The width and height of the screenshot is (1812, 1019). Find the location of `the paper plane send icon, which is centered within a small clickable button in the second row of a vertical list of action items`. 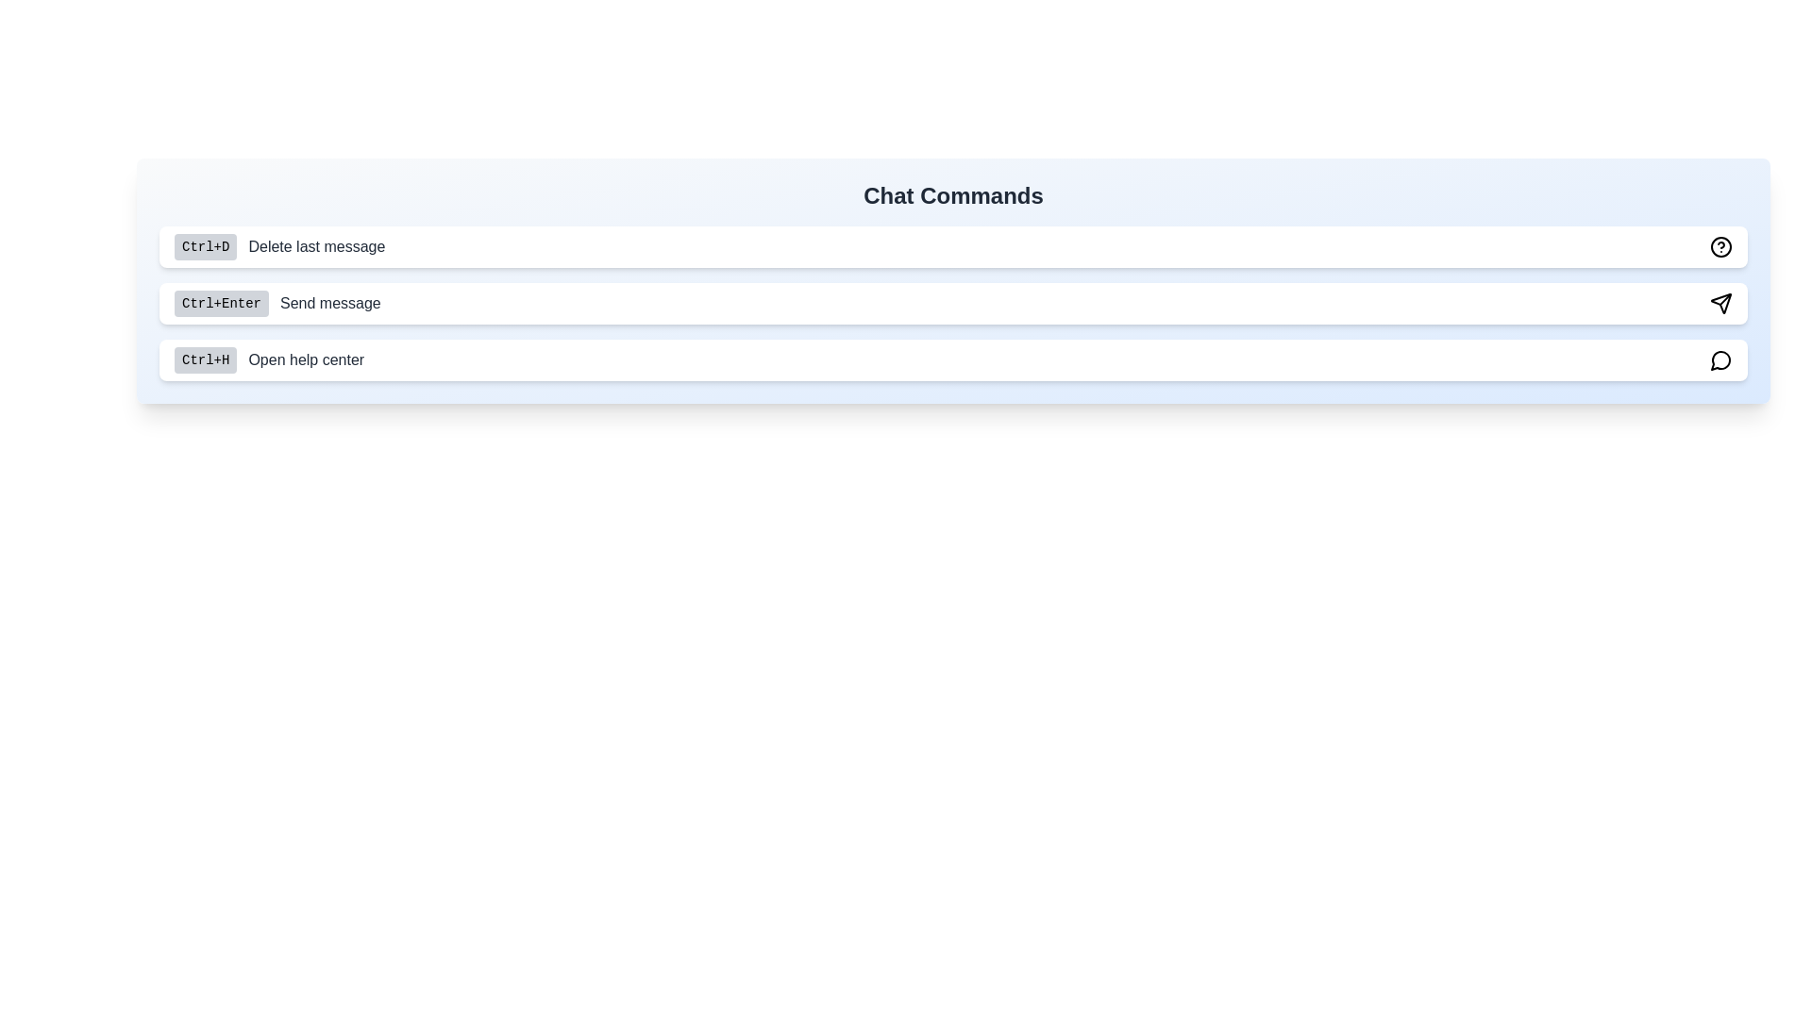

the paper plane send icon, which is centered within a small clickable button in the second row of a vertical list of action items is located at coordinates (1721, 302).